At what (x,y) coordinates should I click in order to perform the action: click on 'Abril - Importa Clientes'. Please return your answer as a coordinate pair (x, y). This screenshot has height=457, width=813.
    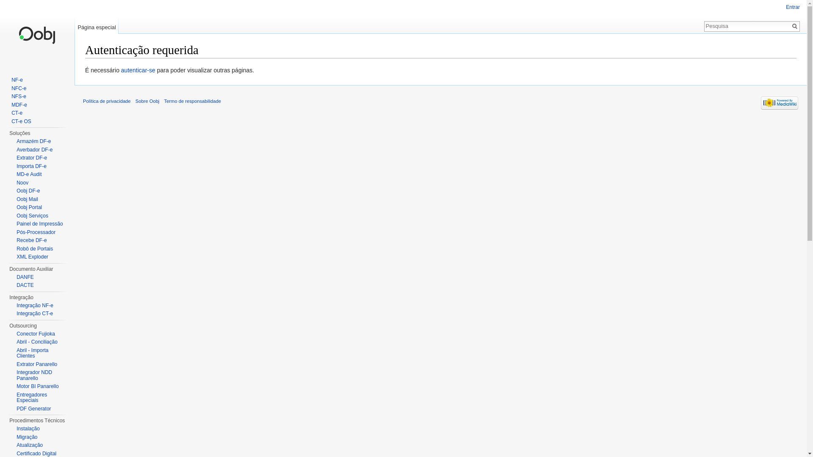
    Looking at the image, I should click on (32, 352).